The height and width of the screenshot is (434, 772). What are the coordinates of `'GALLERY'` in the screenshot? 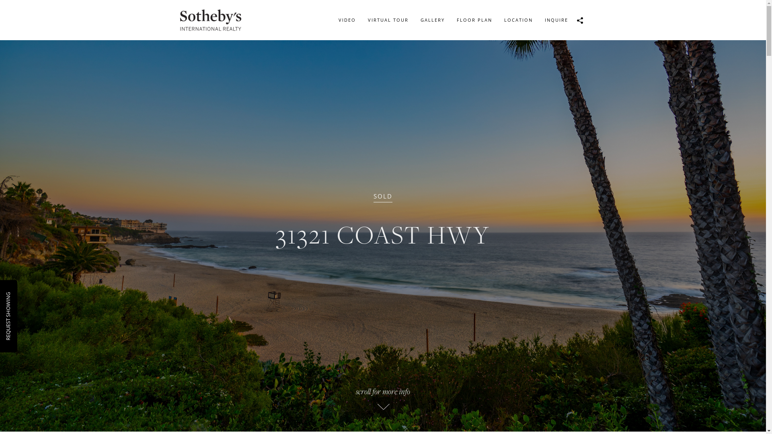 It's located at (432, 20).